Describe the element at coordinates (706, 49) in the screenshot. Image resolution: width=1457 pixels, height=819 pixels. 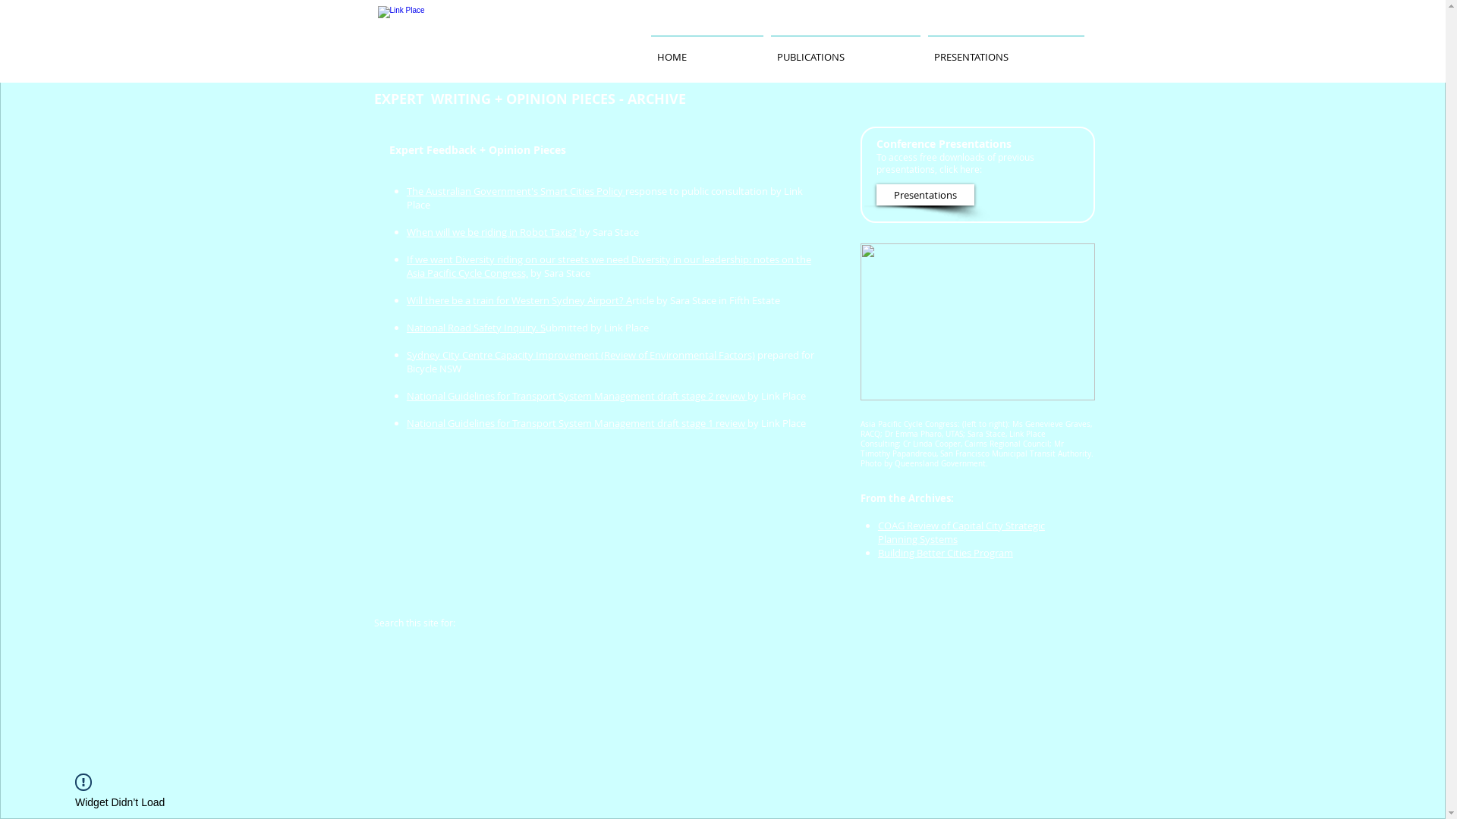
I see `'HOME'` at that location.